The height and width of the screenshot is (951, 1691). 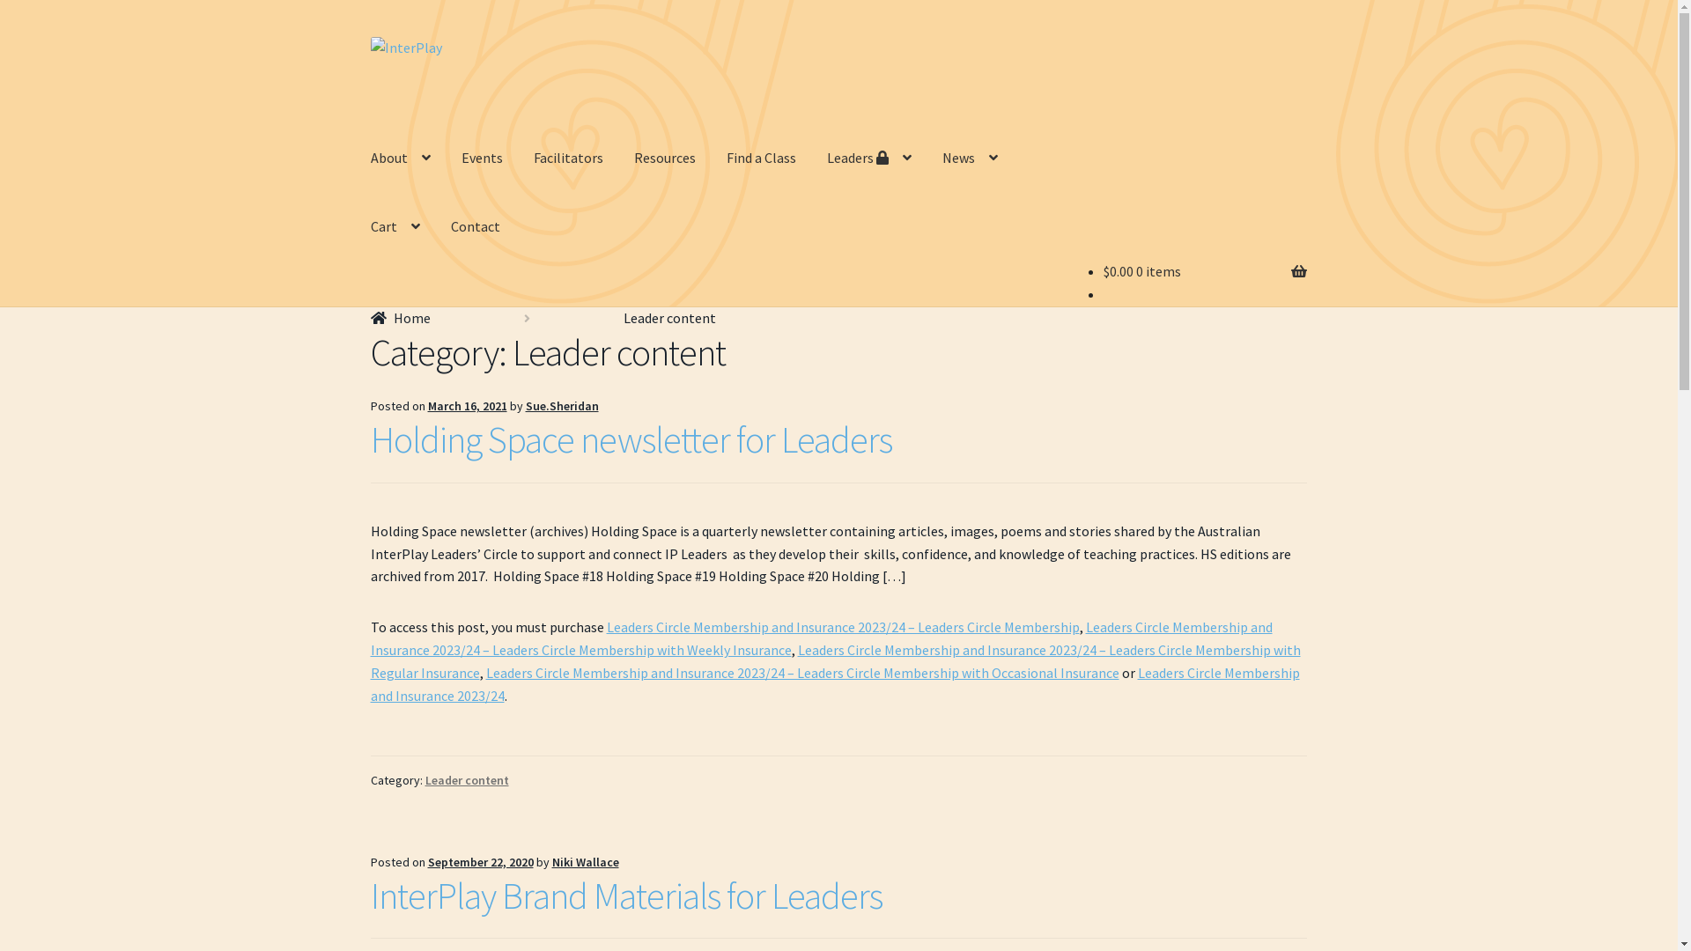 I want to click on 'Resources', so click(x=620, y=158).